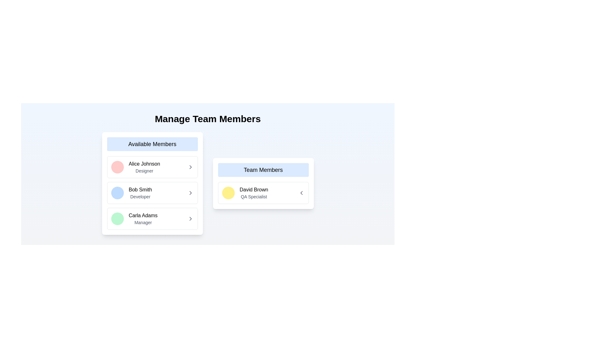 The image size is (605, 340). What do you see at coordinates (301, 193) in the screenshot?
I see `the button located on the far right side of the group for member 'David Brown', adjacent to 'QA Specialist'` at bounding box center [301, 193].